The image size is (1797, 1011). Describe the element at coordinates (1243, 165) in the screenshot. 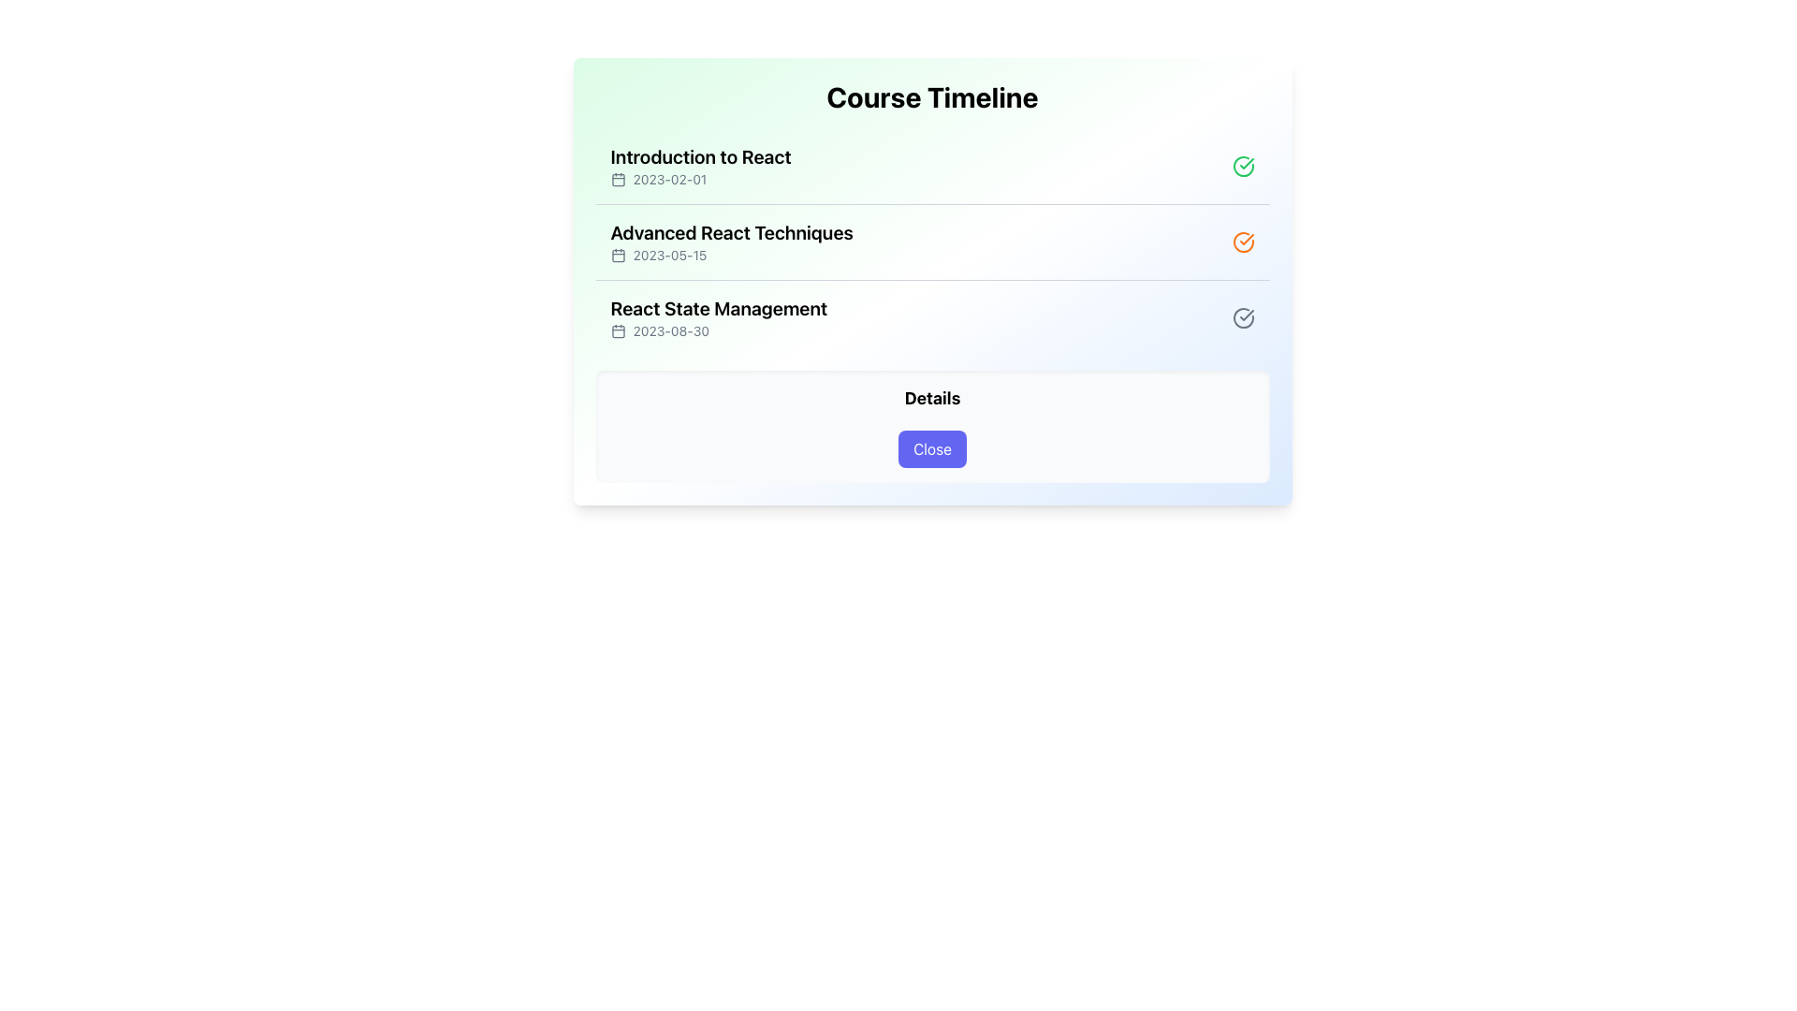

I see `the green circle status indicator with a checkmark associated with the item titled 'Introduction to React' to interact with its functionality` at that location.